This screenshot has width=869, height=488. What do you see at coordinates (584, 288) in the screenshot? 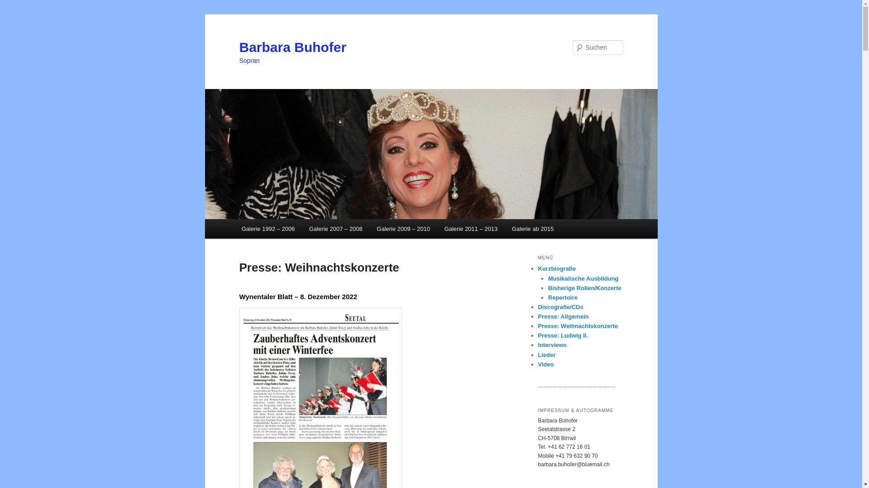
I see `'Bisherige Rollen/Konzerte'` at bounding box center [584, 288].